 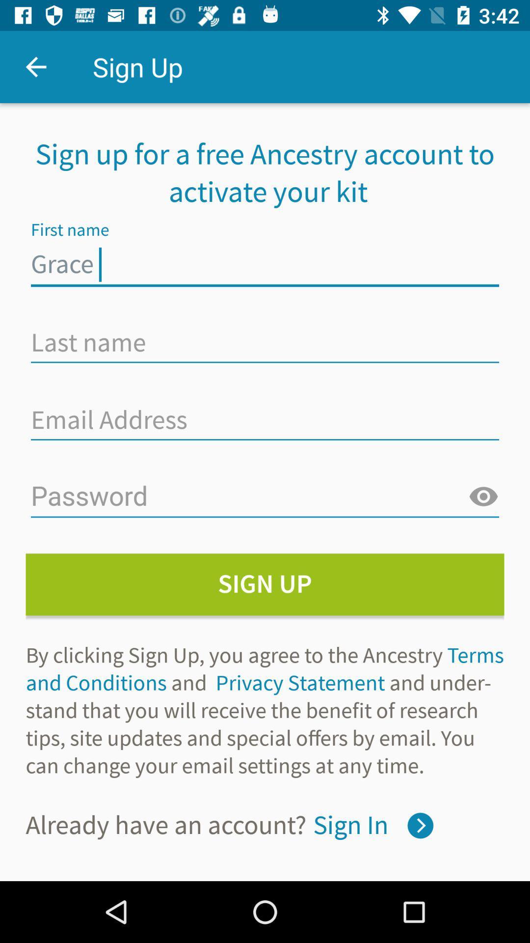 What do you see at coordinates (483, 497) in the screenshot?
I see `password` at bounding box center [483, 497].